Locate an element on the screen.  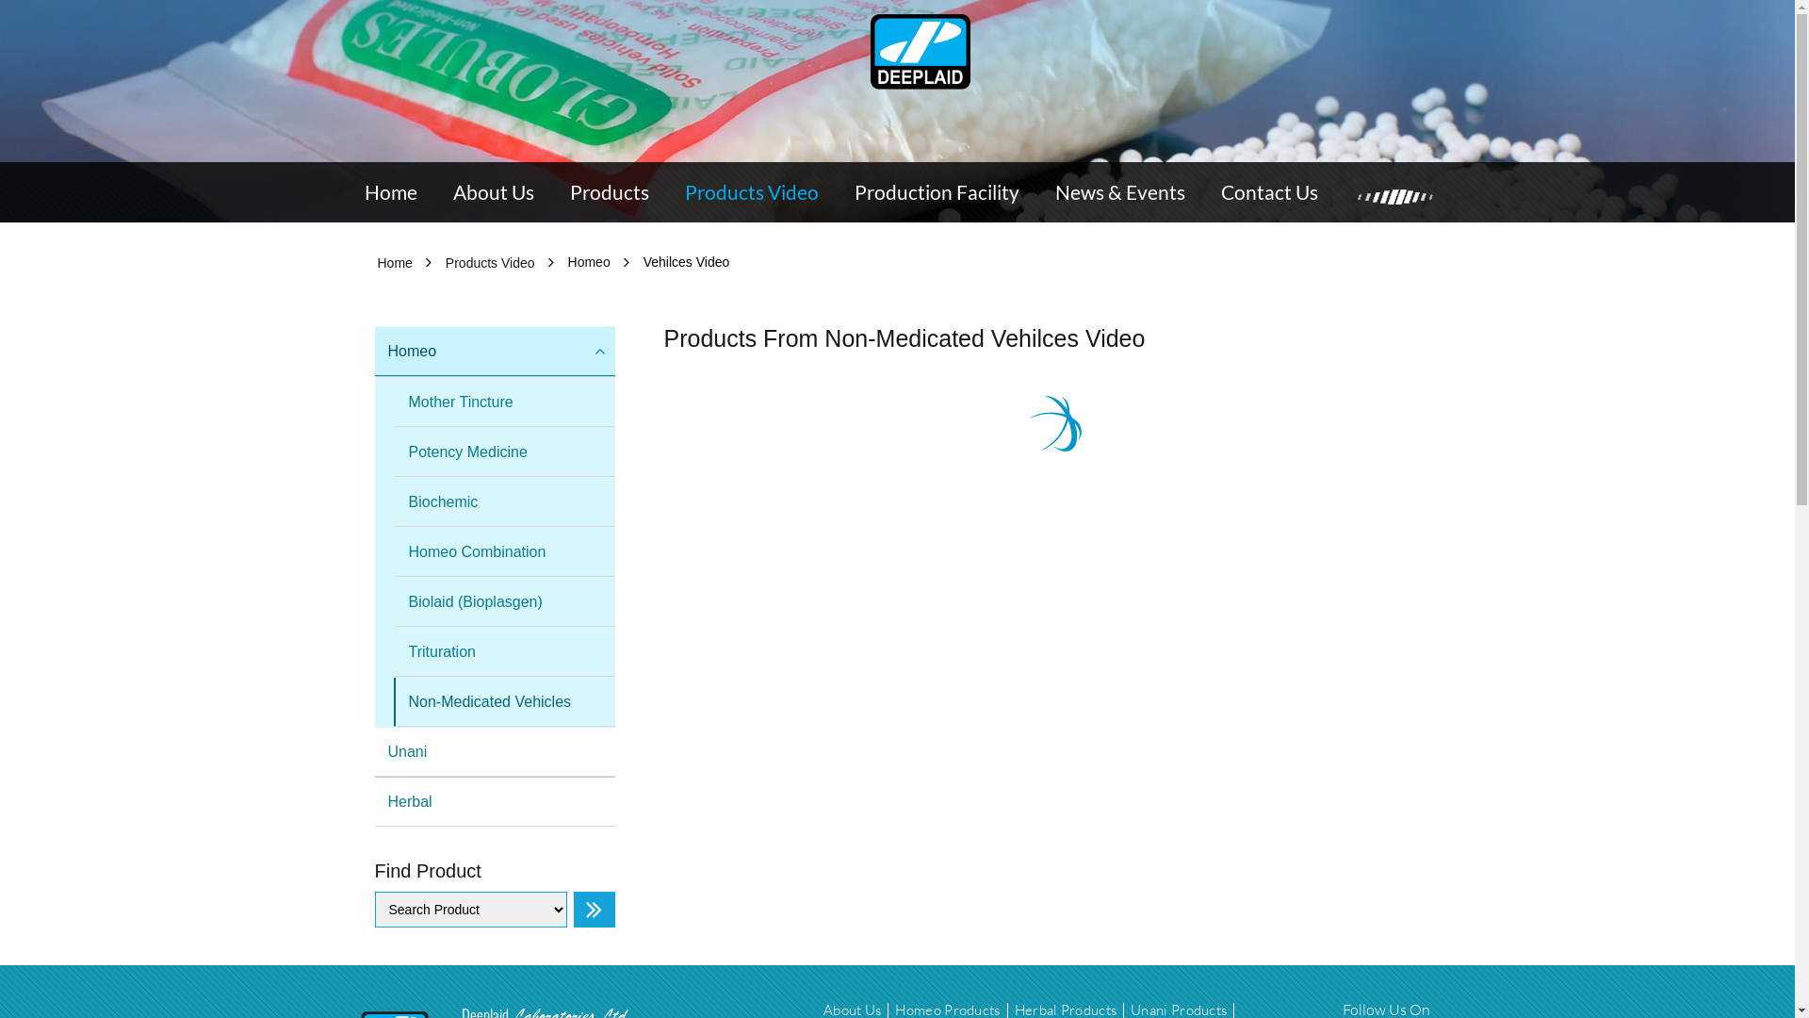
'Home' is located at coordinates (388, 192).